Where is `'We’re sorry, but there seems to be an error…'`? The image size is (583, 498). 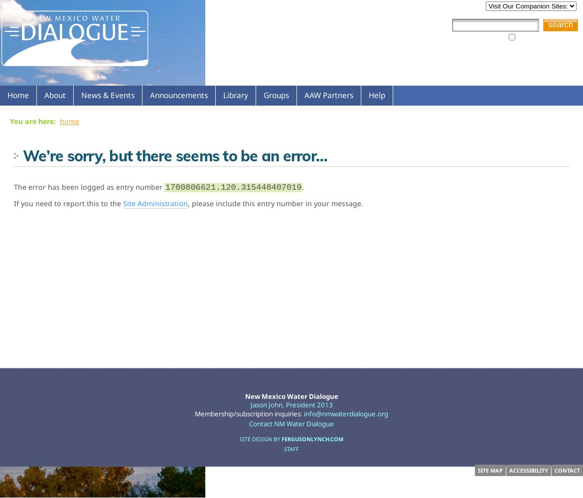
'We’re sorry, but there seems to be an error…' is located at coordinates (174, 155).